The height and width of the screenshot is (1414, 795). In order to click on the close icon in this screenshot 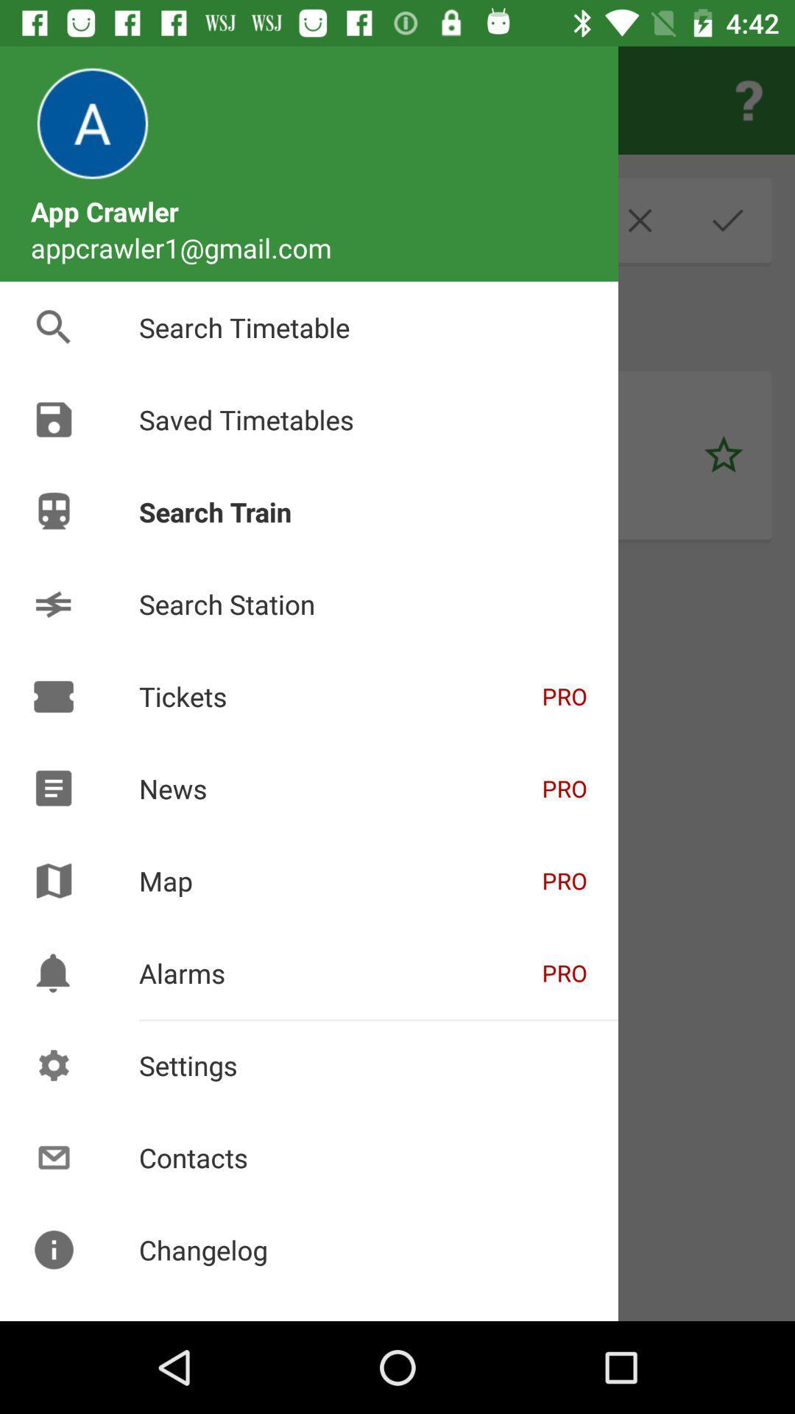, I will do `click(639, 219)`.